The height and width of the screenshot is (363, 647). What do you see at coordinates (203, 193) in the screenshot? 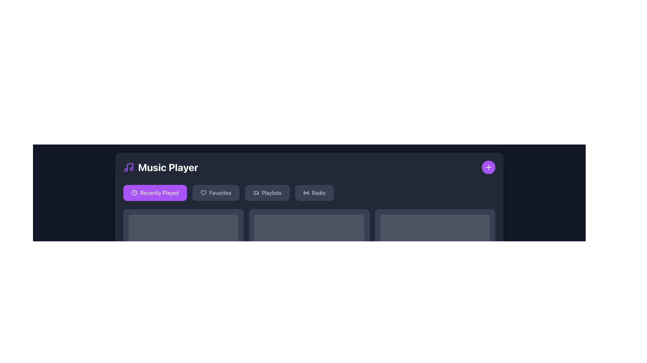
I see `the heart-shaped icon that is part of the 'Favorites' navigation option` at bounding box center [203, 193].